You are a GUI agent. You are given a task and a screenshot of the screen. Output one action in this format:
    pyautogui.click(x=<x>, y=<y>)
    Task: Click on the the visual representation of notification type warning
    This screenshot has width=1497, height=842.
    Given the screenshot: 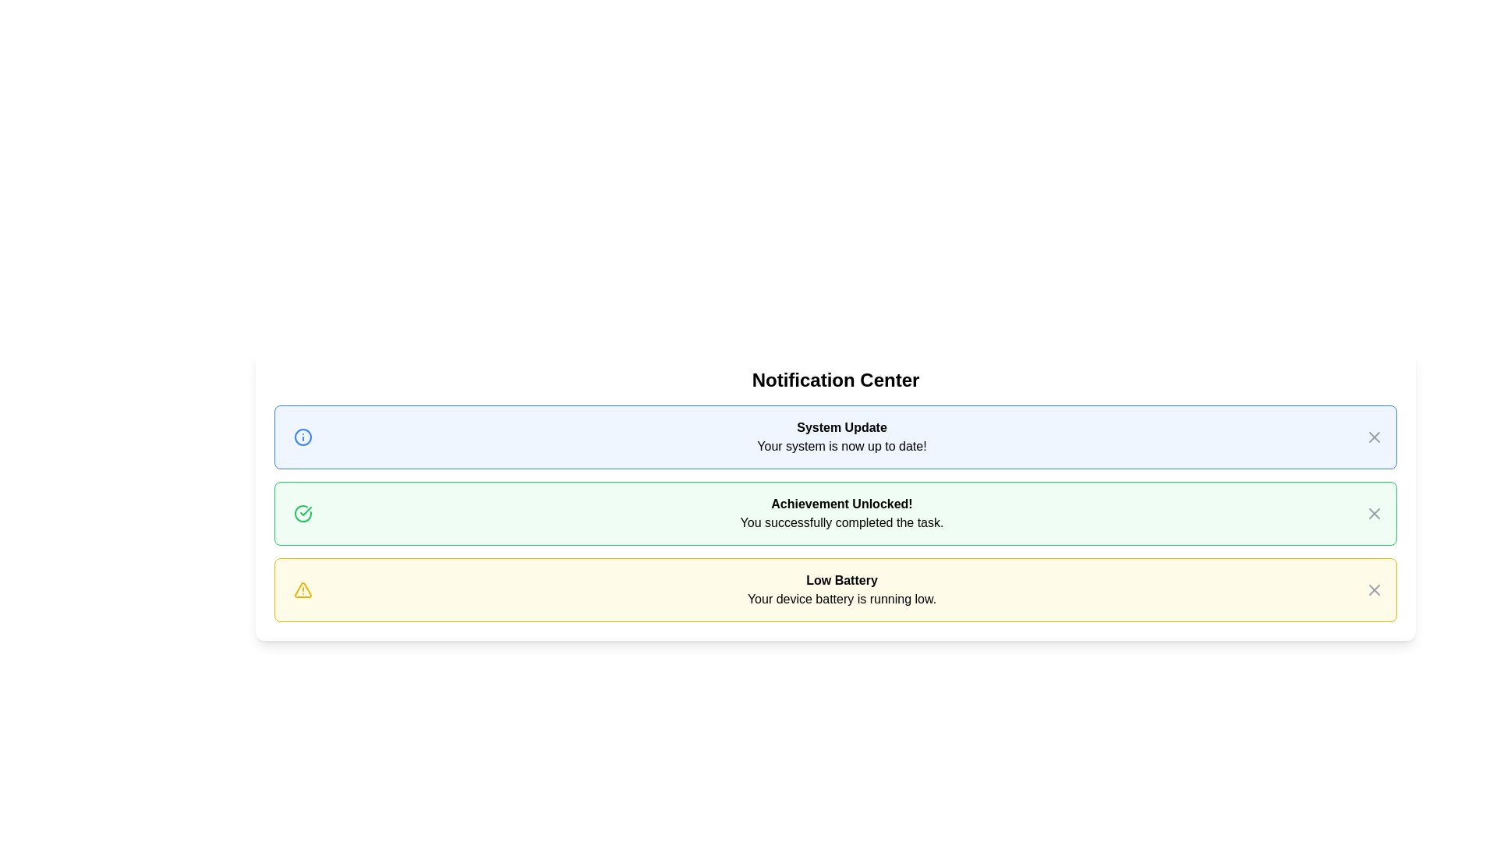 What is the action you would take?
    pyautogui.click(x=303, y=589)
    